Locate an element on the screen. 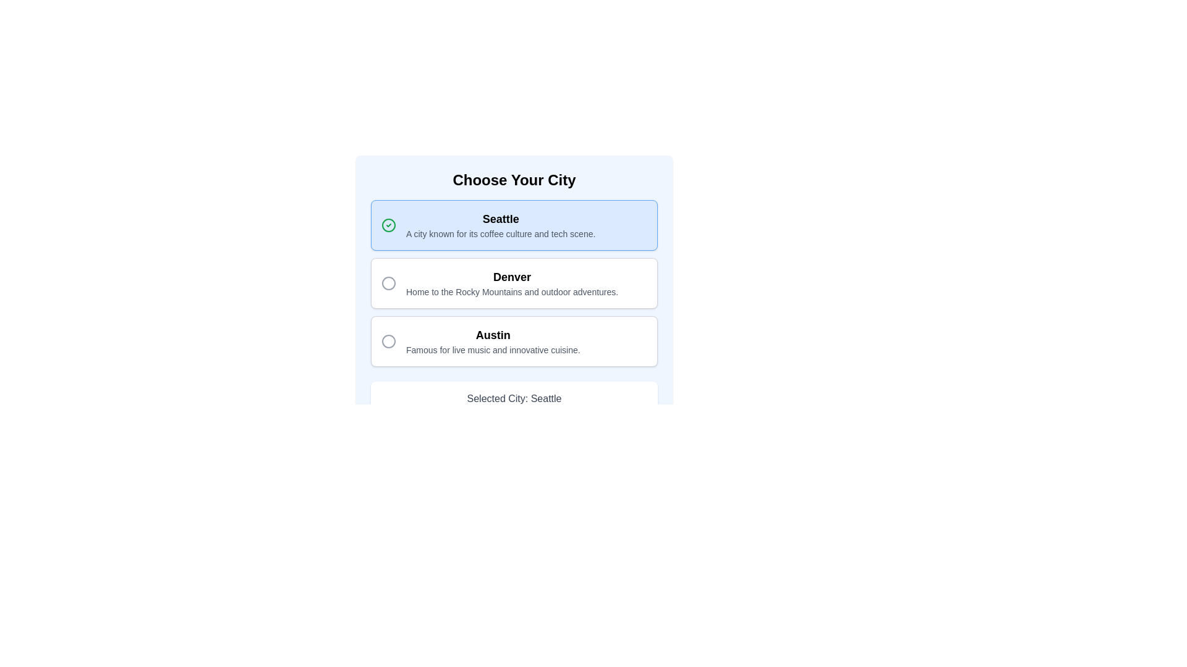 Image resolution: width=1187 pixels, height=667 pixels. the 'Denver' option card is located at coordinates (514, 283).